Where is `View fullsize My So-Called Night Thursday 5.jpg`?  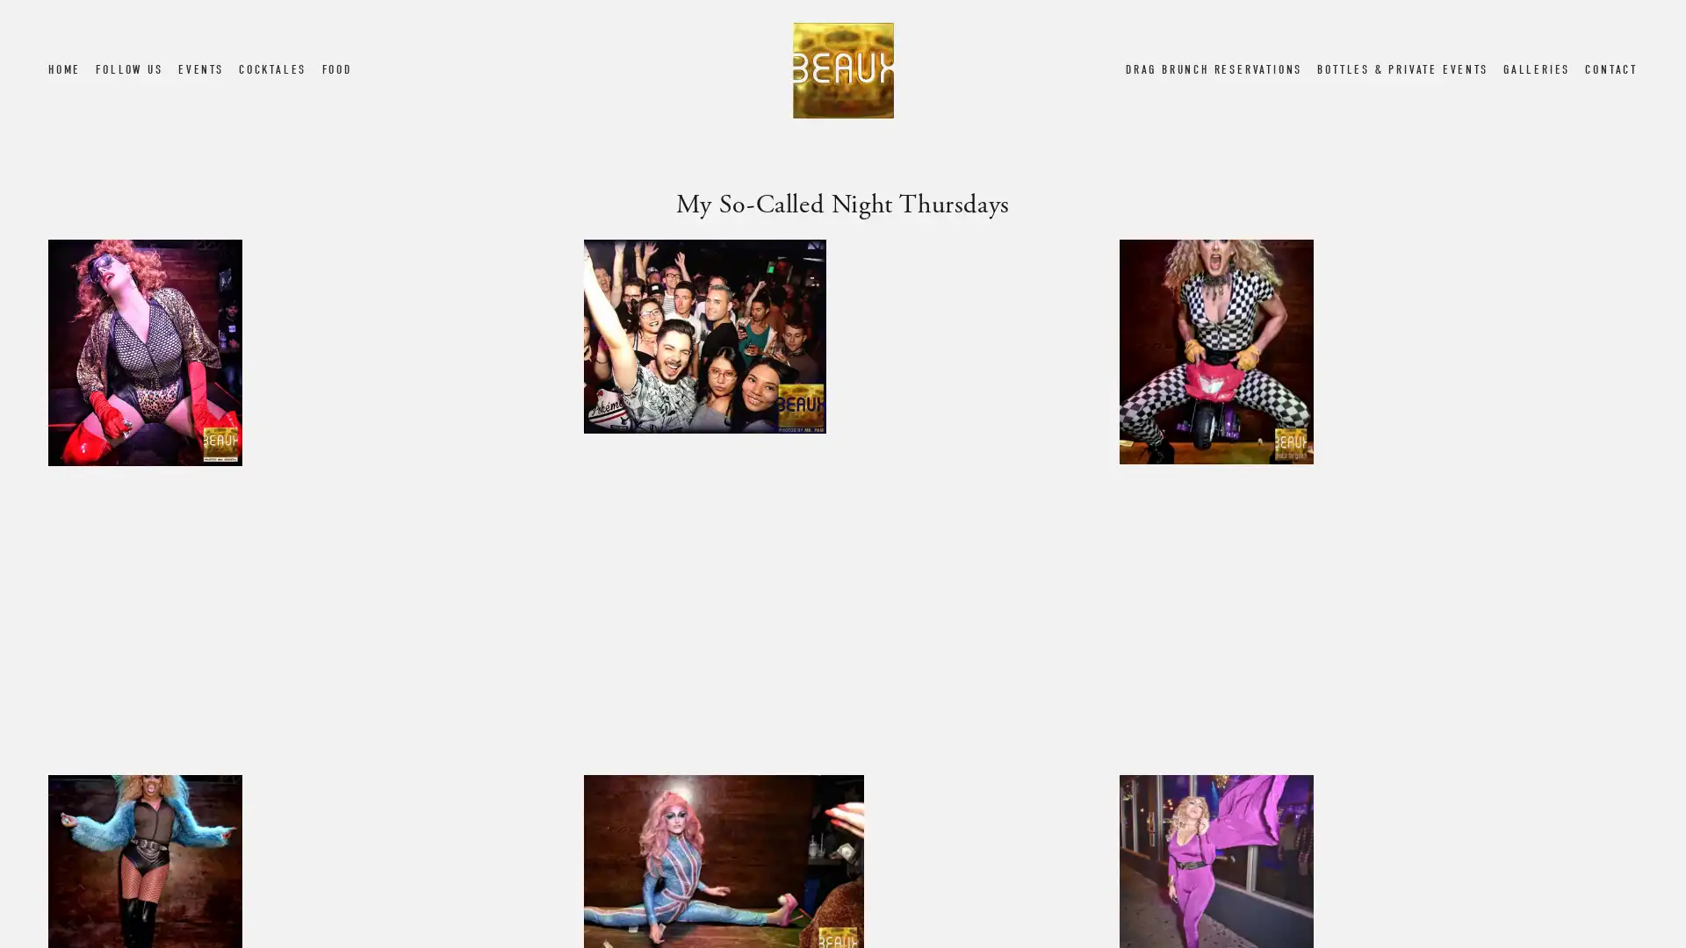 View fullsize My So-Called Night Thursday 5.jpg is located at coordinates (306, 498).